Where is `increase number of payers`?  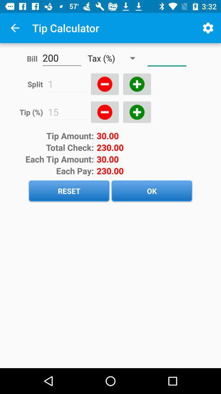 increase number of payers is located at coordinates (137, 84).